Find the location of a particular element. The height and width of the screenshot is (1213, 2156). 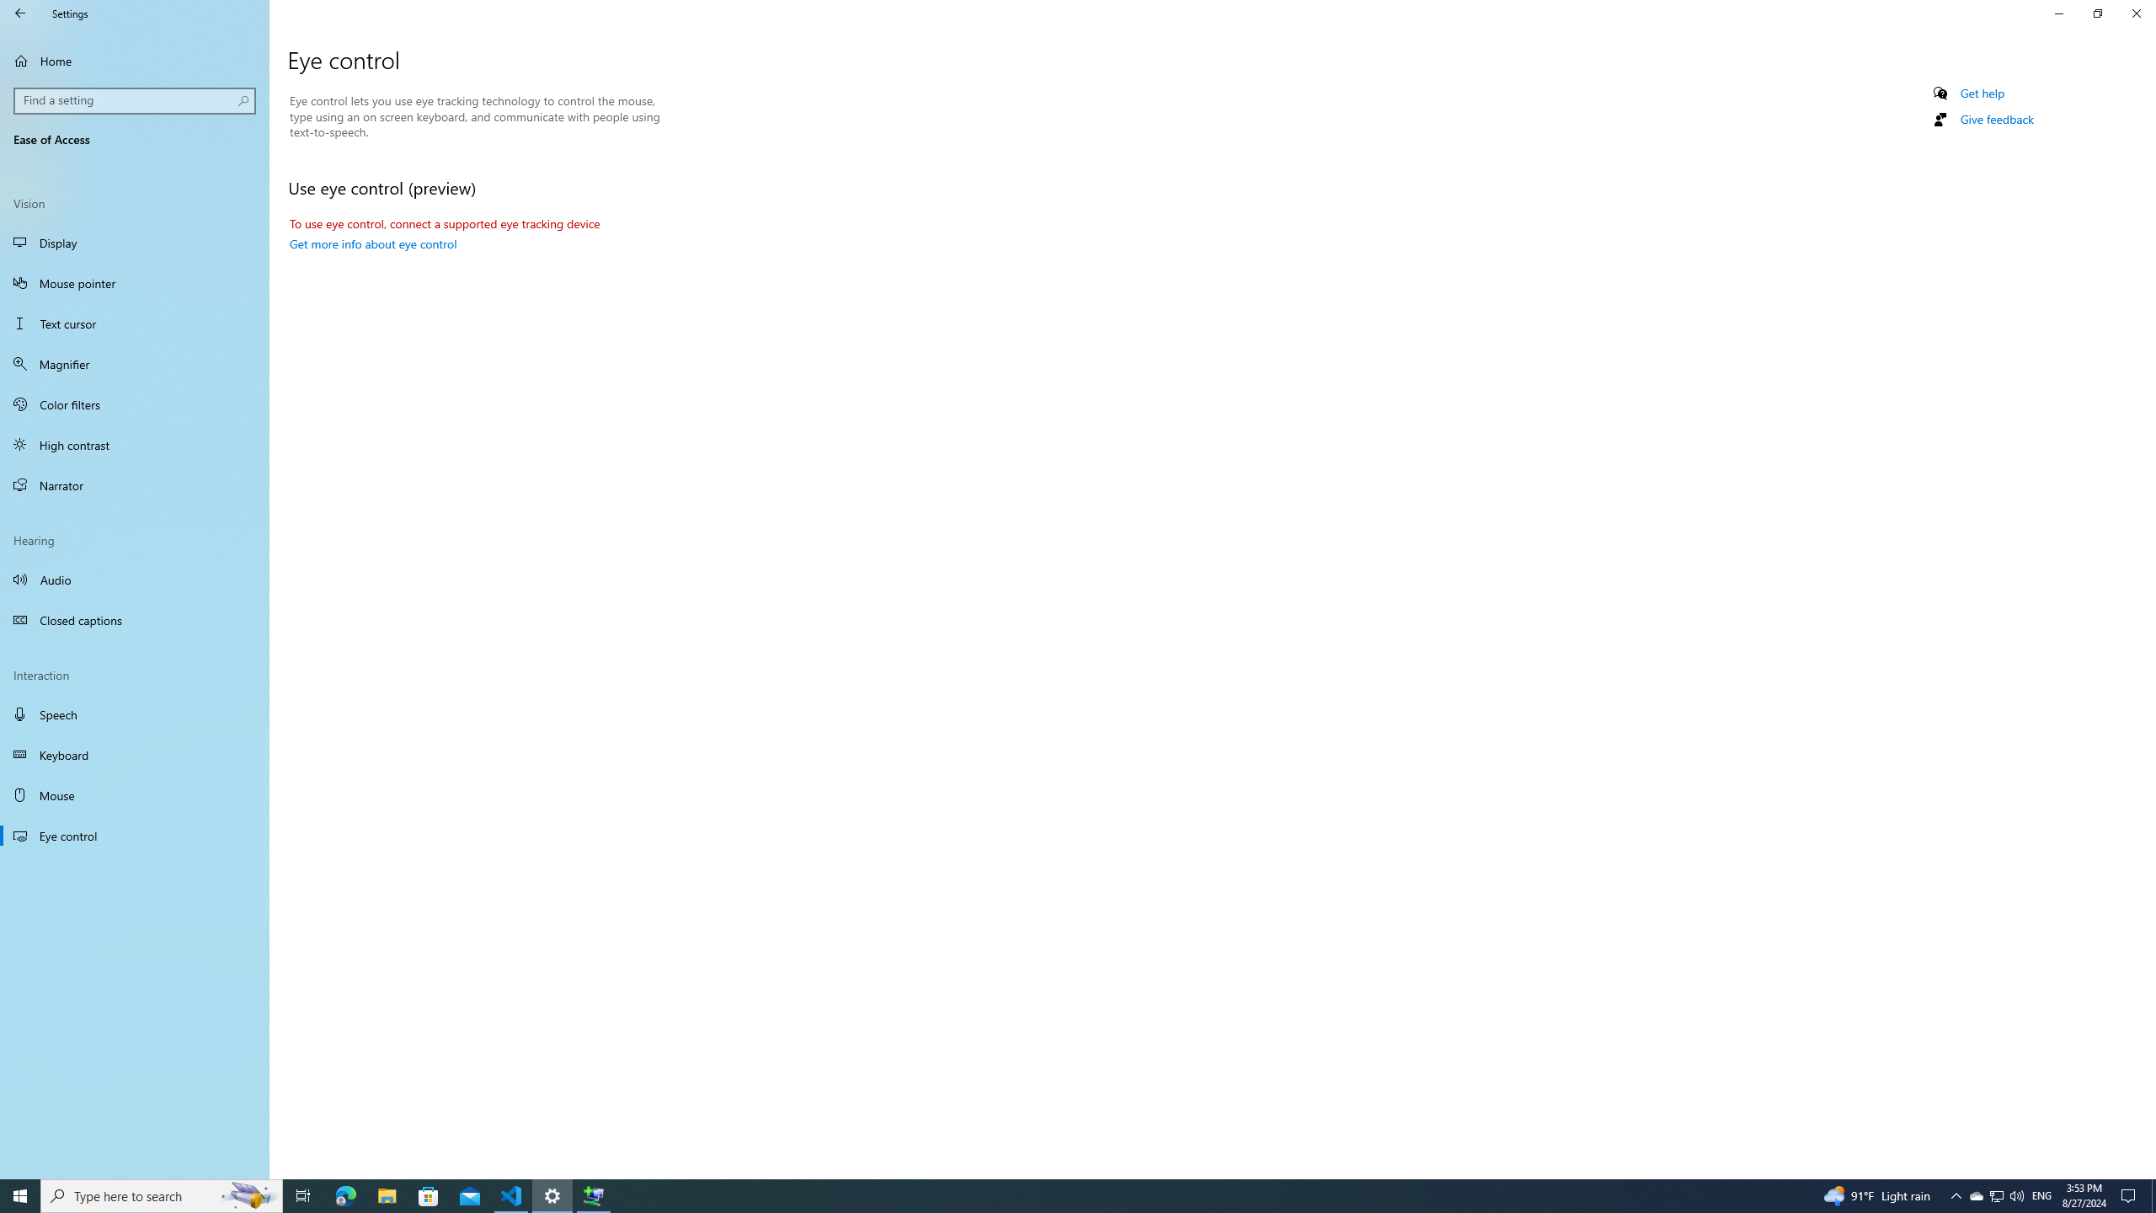

'Narrator' is located at coordinates (134, 484).